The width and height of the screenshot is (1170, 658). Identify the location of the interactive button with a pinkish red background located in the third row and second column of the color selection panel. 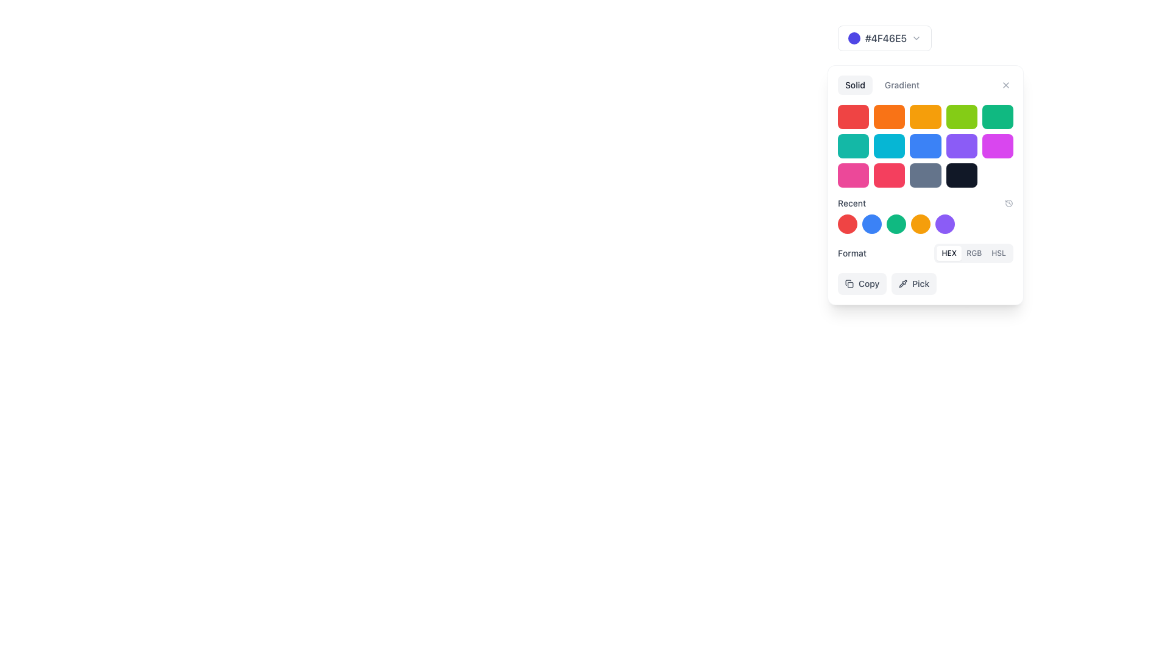
(889, 175).